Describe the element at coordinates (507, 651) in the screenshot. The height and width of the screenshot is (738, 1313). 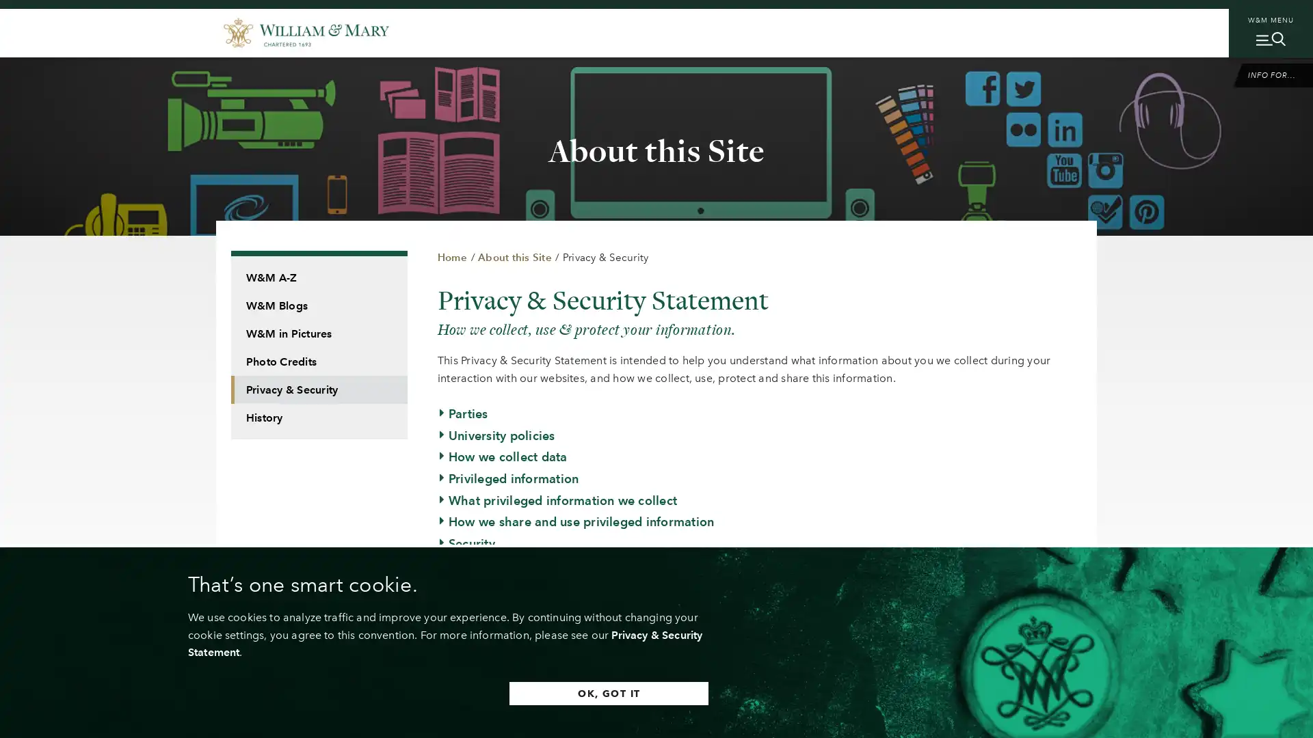
I see `3rd Party API Services` at that location.